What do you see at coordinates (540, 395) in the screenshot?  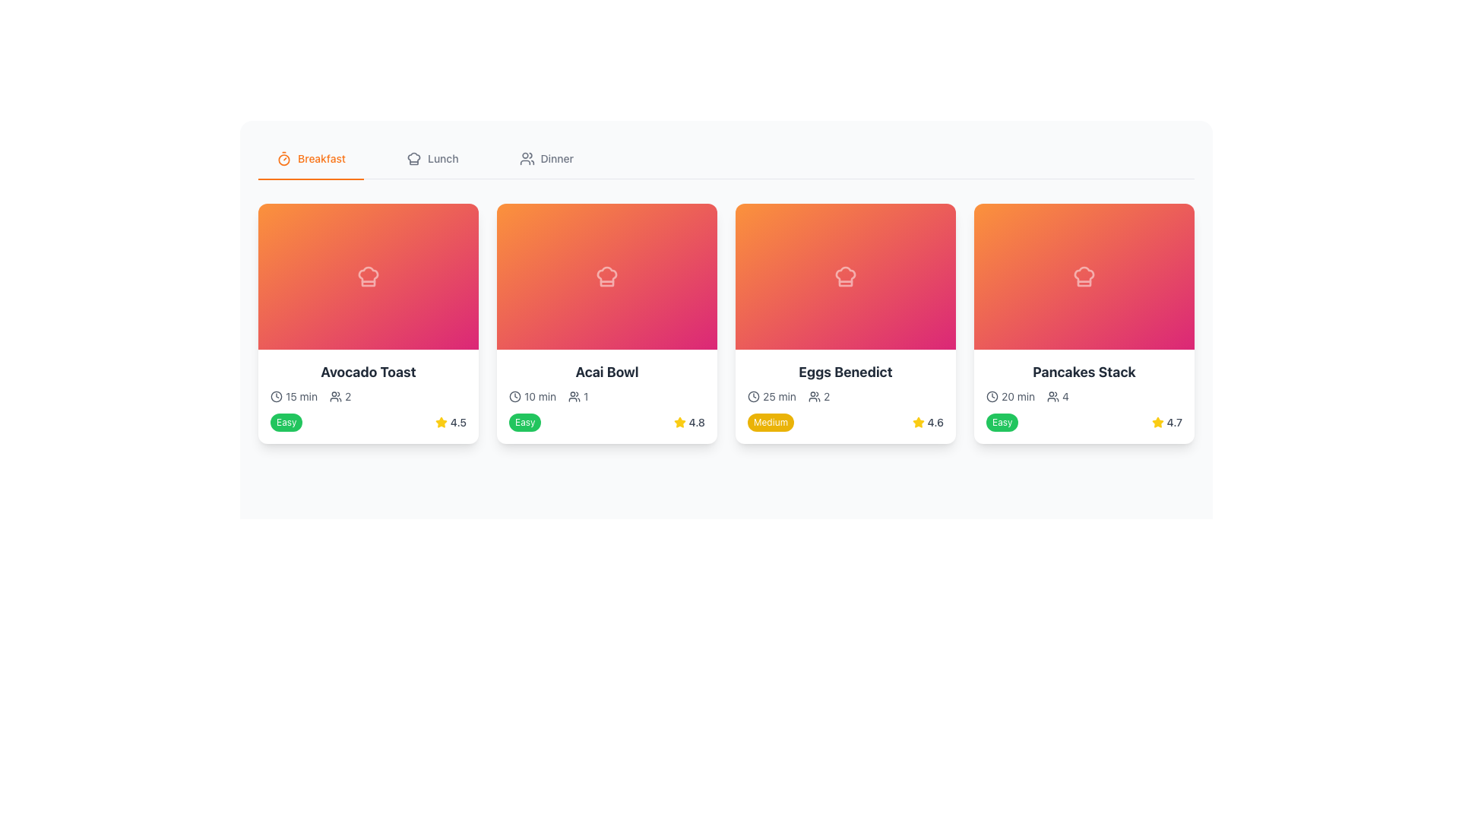 I see `the static text label displaying '10 min' in light gray color, located in the second card for 'Acai Bowl', positioned slightly right of the clock icon` at bounding box center [540, 395].